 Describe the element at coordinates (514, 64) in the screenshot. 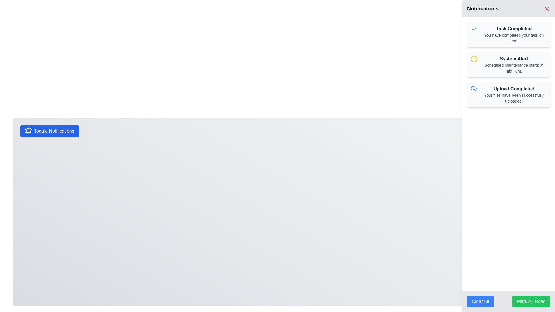

I see `the second Notification card in the Notifications panel to acknowledge or interact with the scheduled maintenance event information` at that location.